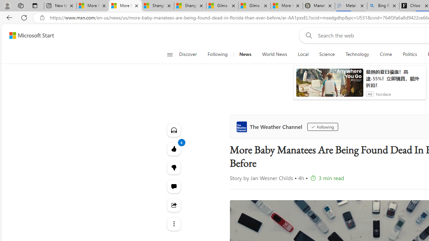 The width and height of the screenshot is (429, 241). What do you see at coordinates (410, 54) in the screenshot?
I see `'Politics'` at bounding box center [410, 54].